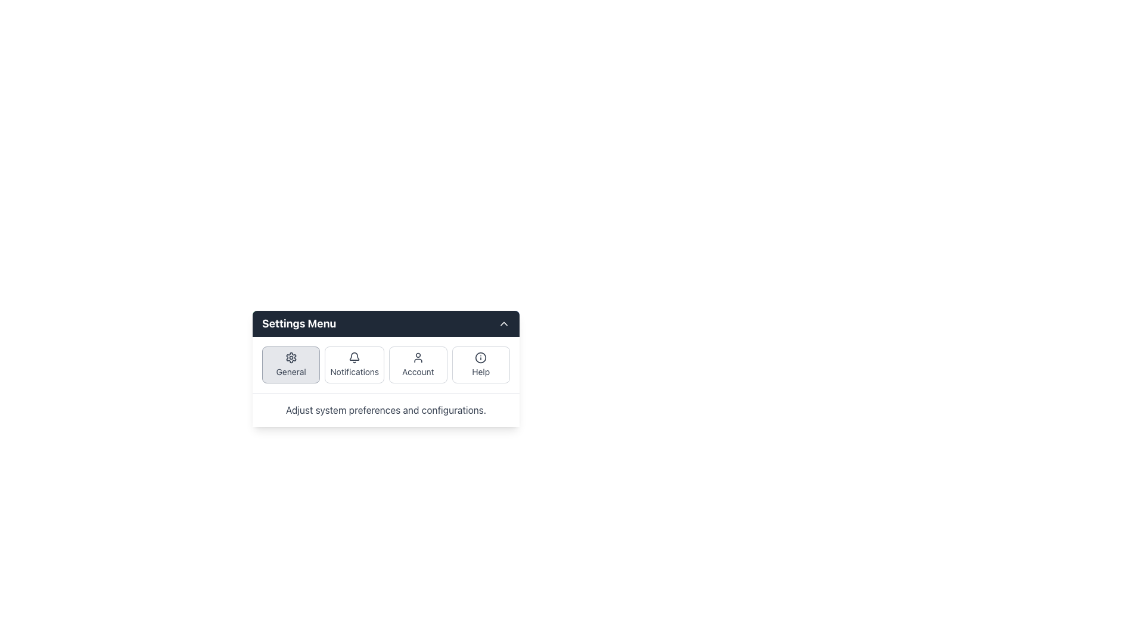 The height and width of the screenshot is (643, 1144). Describe the element at coordinates (418, 364) in the screenshot. I see `the account-related settings button, which is the third button in a row located between the 'Notifications' and 'Help' buttons` at that location.